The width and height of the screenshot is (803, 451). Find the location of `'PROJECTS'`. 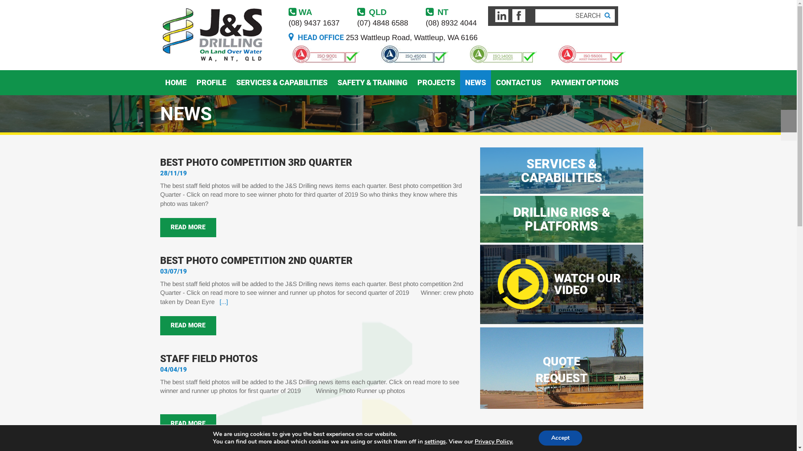

'PROJECTS' is located at coordinates (435, 82).